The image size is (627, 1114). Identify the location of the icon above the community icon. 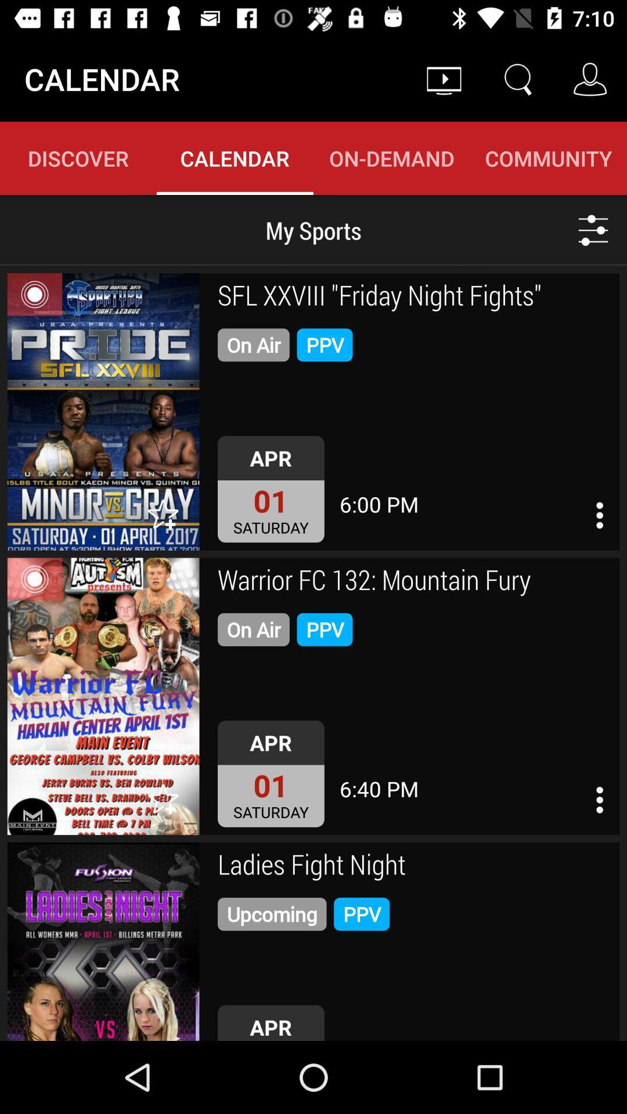
(517, 78).